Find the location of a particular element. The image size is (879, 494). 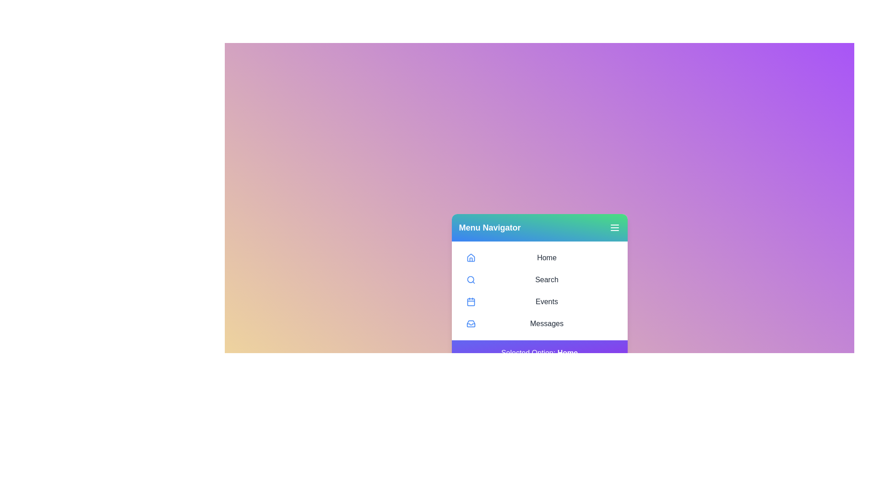

the menu item Messages from the menu is located at coordinates (539, 323).